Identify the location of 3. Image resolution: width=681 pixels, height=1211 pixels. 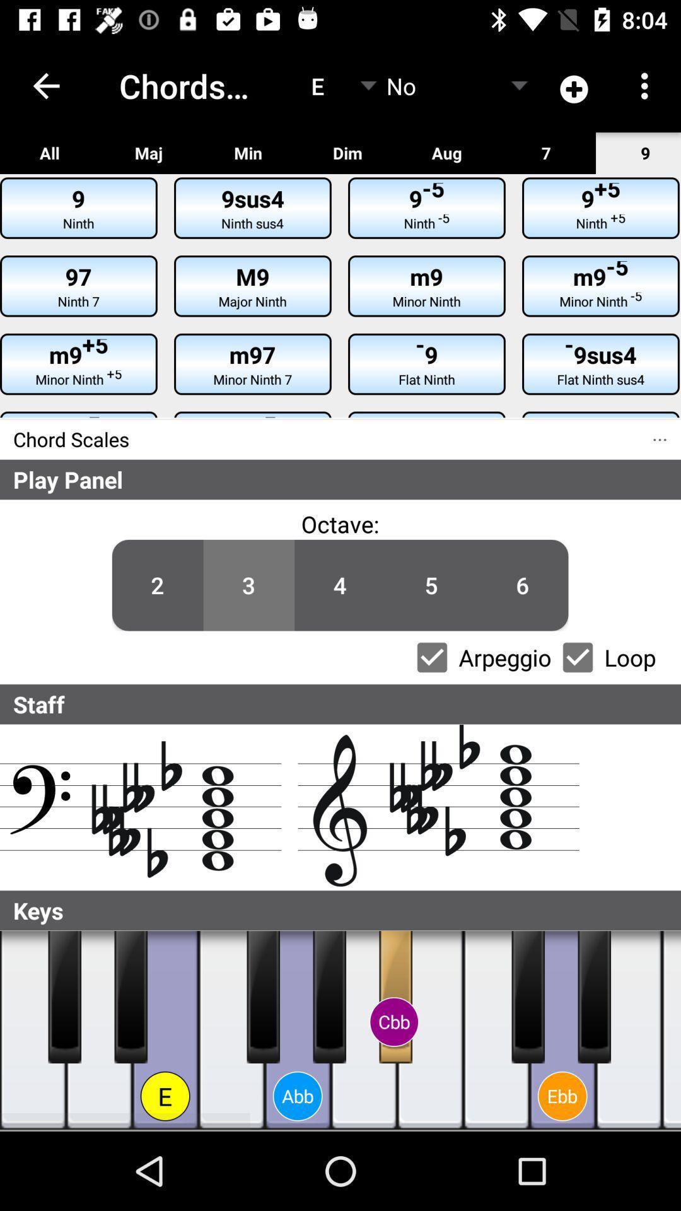
(248, 585).